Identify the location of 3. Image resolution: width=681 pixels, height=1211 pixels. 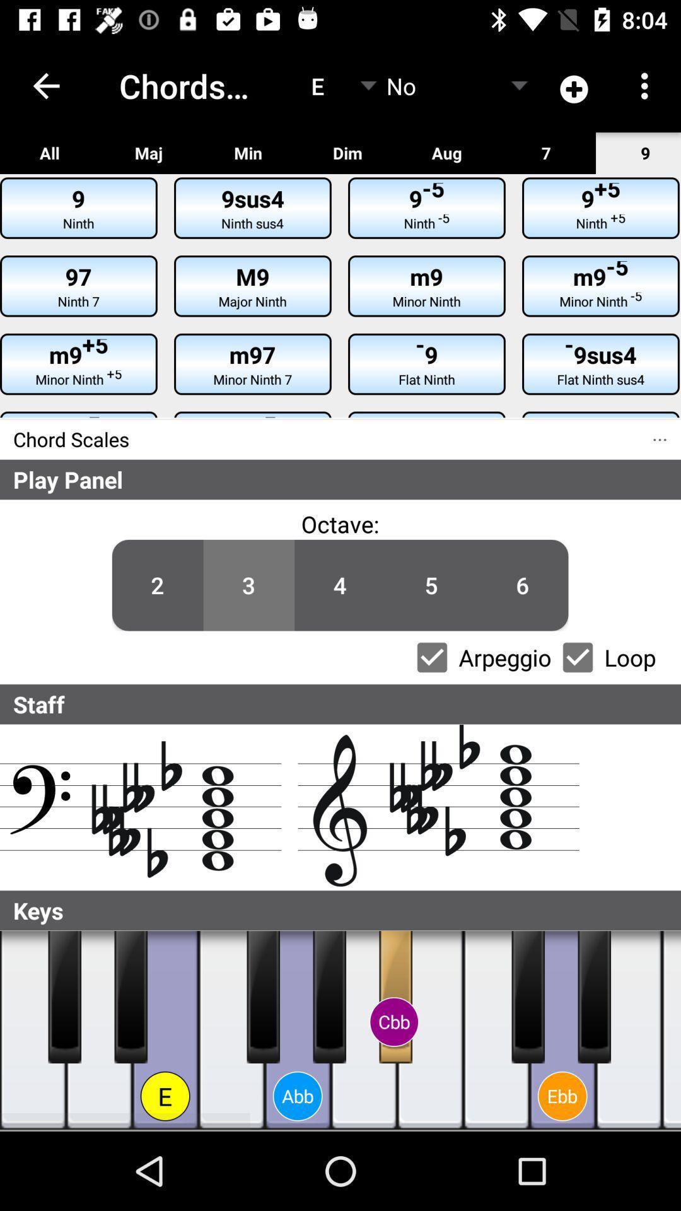
(248, 585).